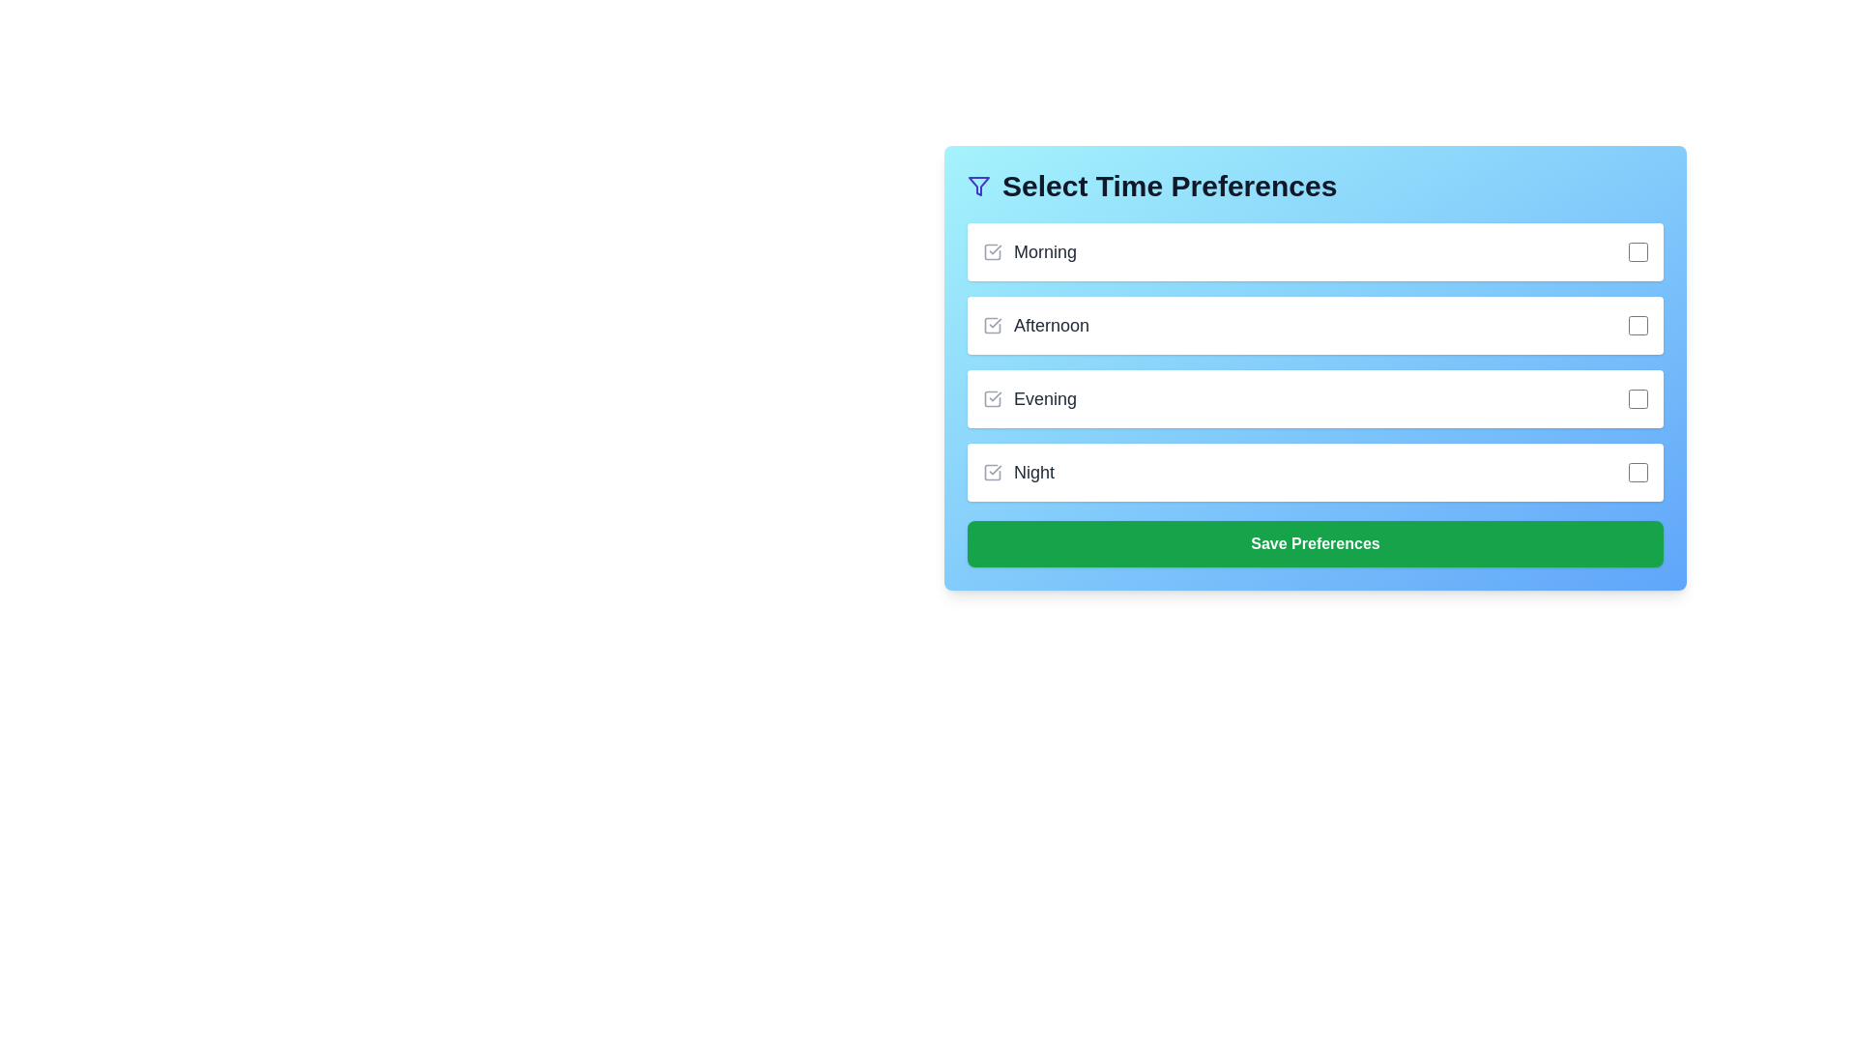 This screenshot has height=1044, width=1856. What do you see at coordinates (1018, 473) in the screenshot?
I see `the label displaying 'Night'` at bounding box center [1018, 473].